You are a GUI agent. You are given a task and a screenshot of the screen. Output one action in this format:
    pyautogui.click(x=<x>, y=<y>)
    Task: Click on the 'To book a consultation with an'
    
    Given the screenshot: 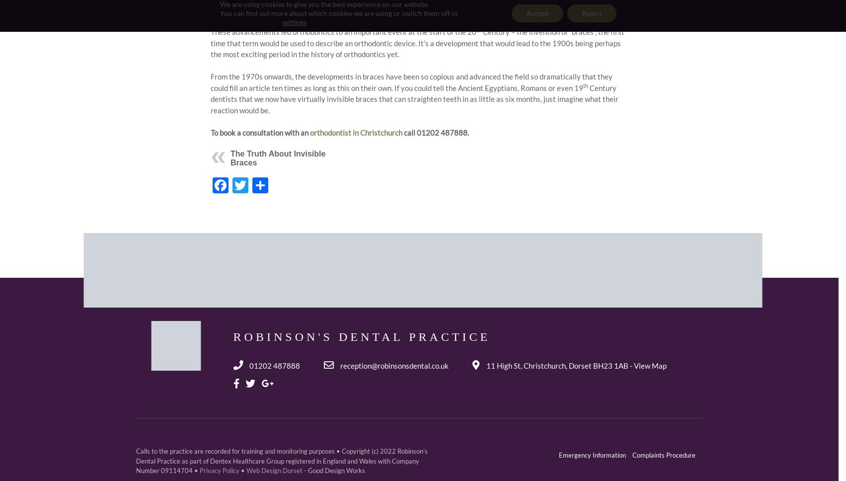 What is the action you would take?
    pyautogui.click(x=211, y=132)
    